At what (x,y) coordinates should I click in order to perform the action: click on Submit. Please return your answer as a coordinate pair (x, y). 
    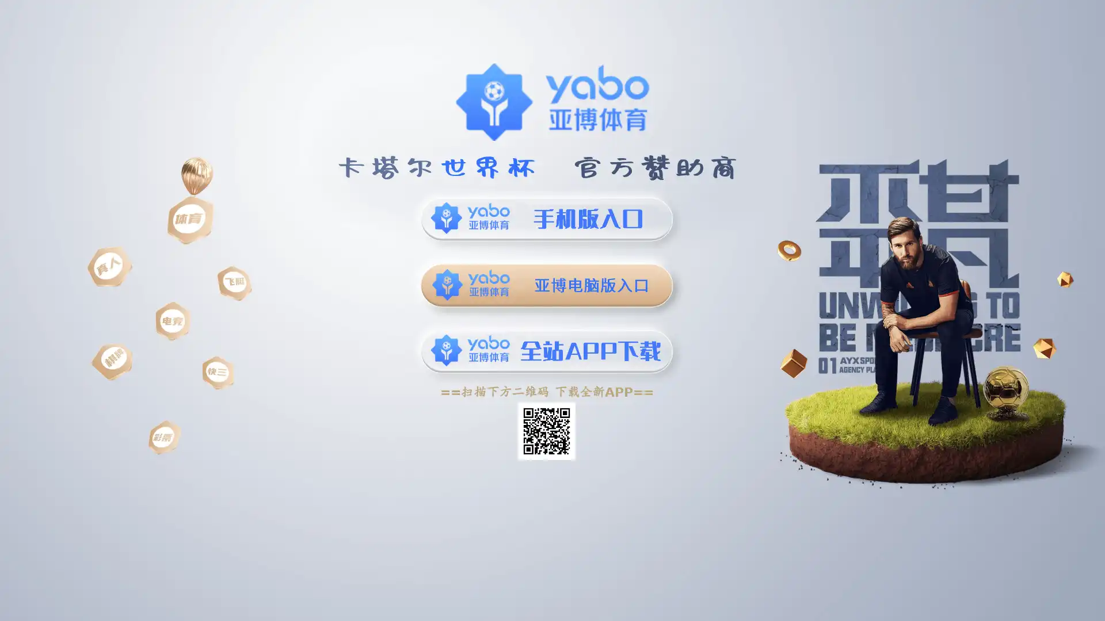
    Looking at the image, I should click on (810, 210).